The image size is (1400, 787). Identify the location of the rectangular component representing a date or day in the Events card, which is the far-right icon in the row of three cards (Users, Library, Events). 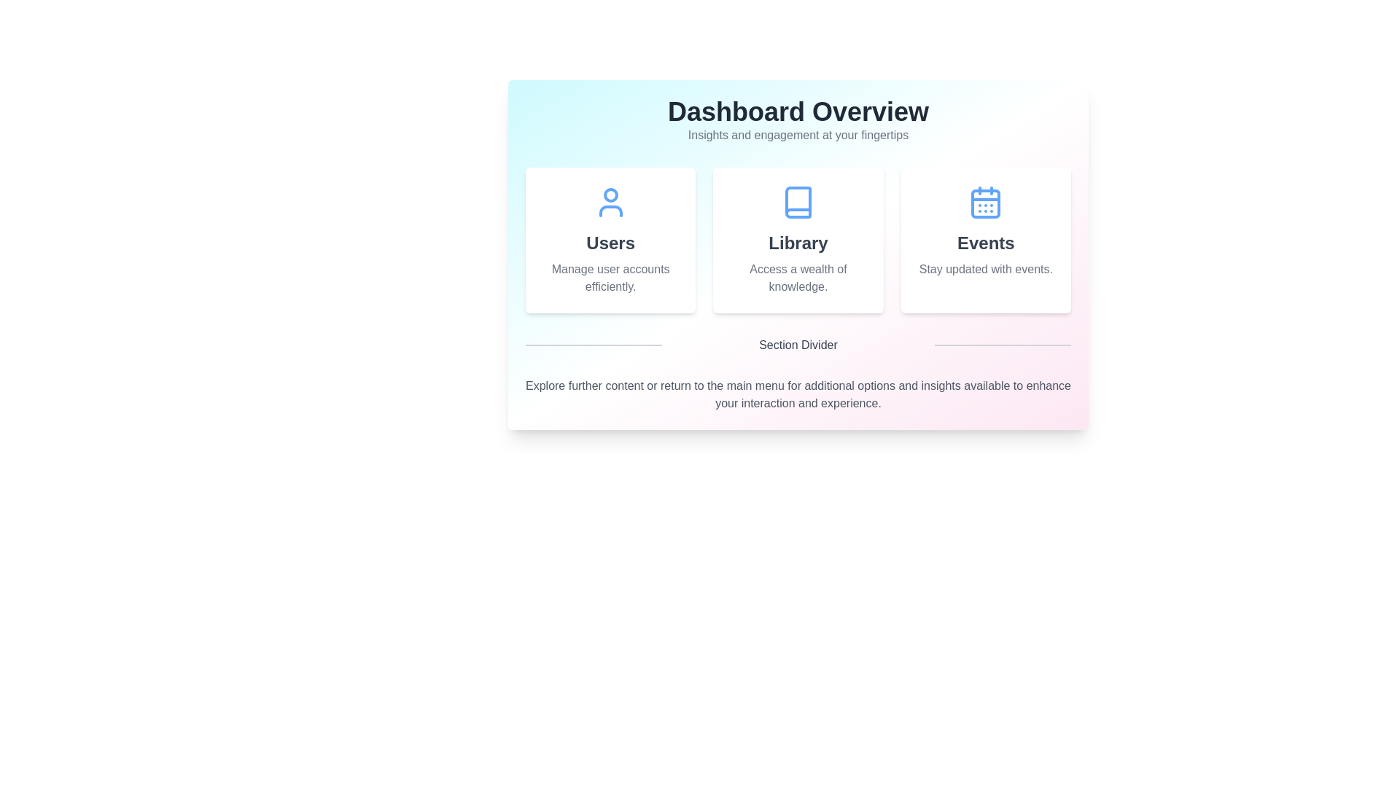
(986, 204).